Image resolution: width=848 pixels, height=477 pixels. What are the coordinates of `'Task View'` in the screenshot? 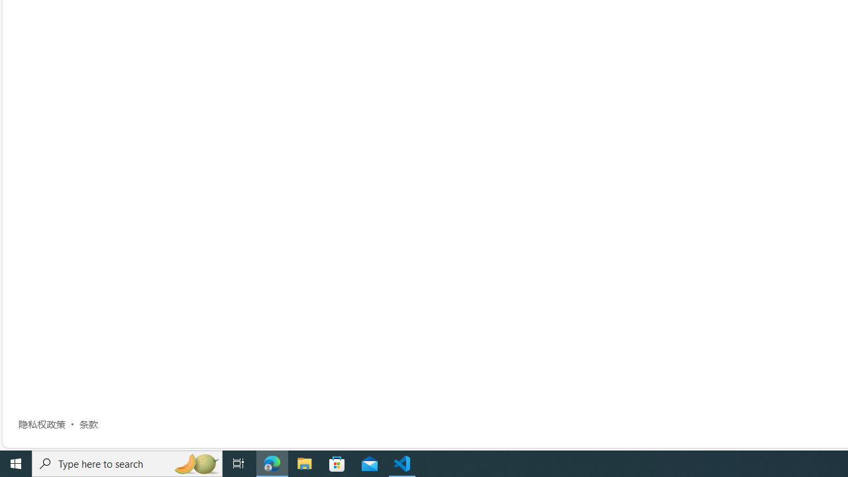 It's located at (238, 462).